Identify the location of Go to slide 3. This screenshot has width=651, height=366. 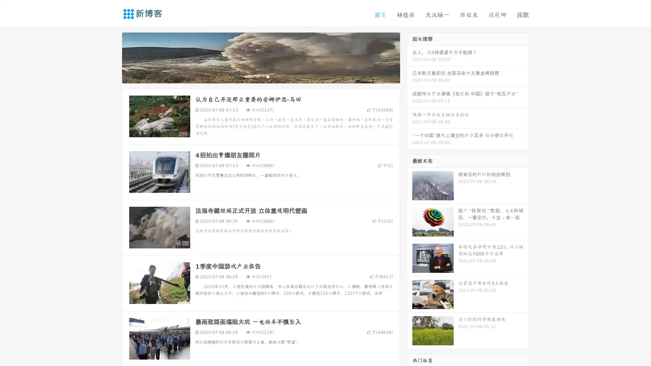
(268, 76).